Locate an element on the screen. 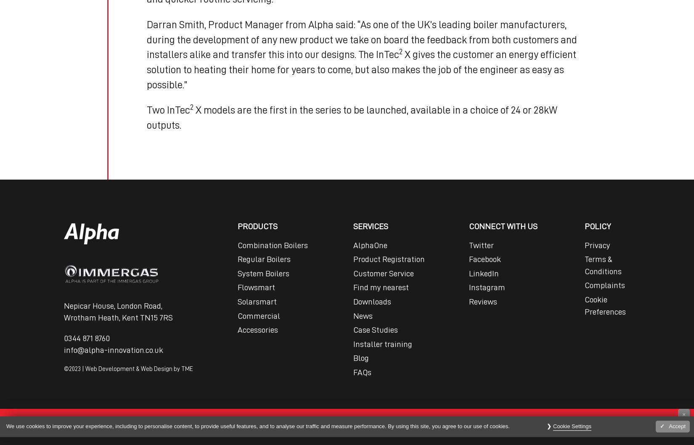  'Reviews' is located at coordinates (469, 302).